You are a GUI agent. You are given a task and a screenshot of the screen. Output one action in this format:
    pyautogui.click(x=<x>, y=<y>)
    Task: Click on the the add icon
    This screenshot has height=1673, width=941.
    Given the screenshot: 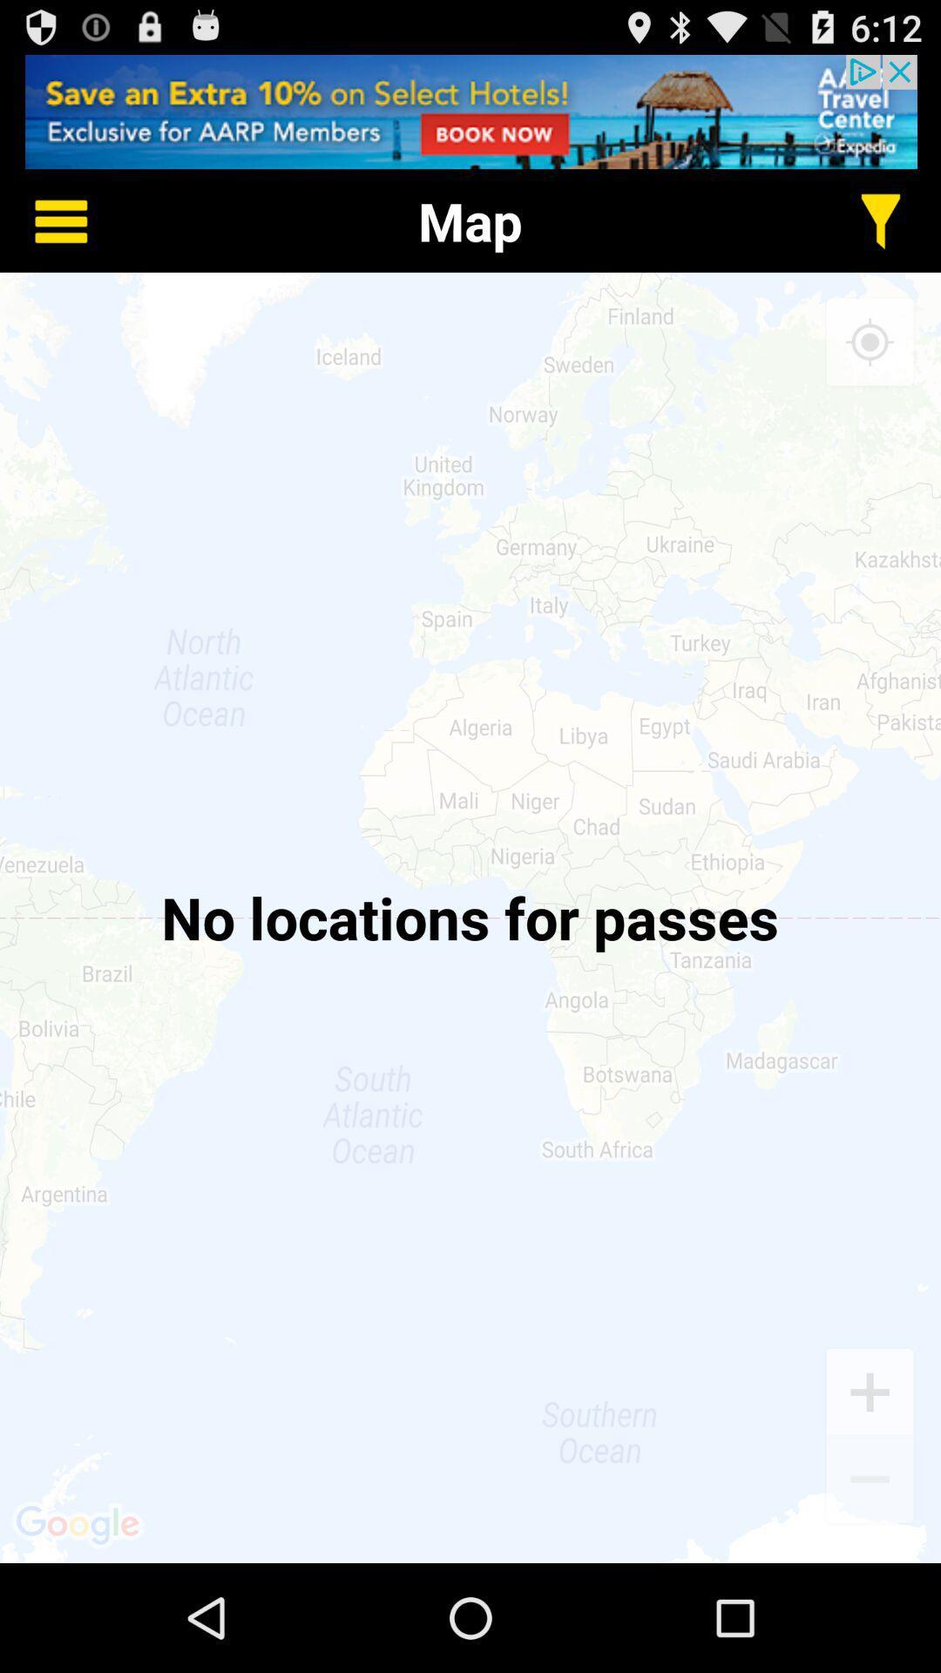 What is the action you would take?
    pyautogui.click(x=870, y=1487)
    